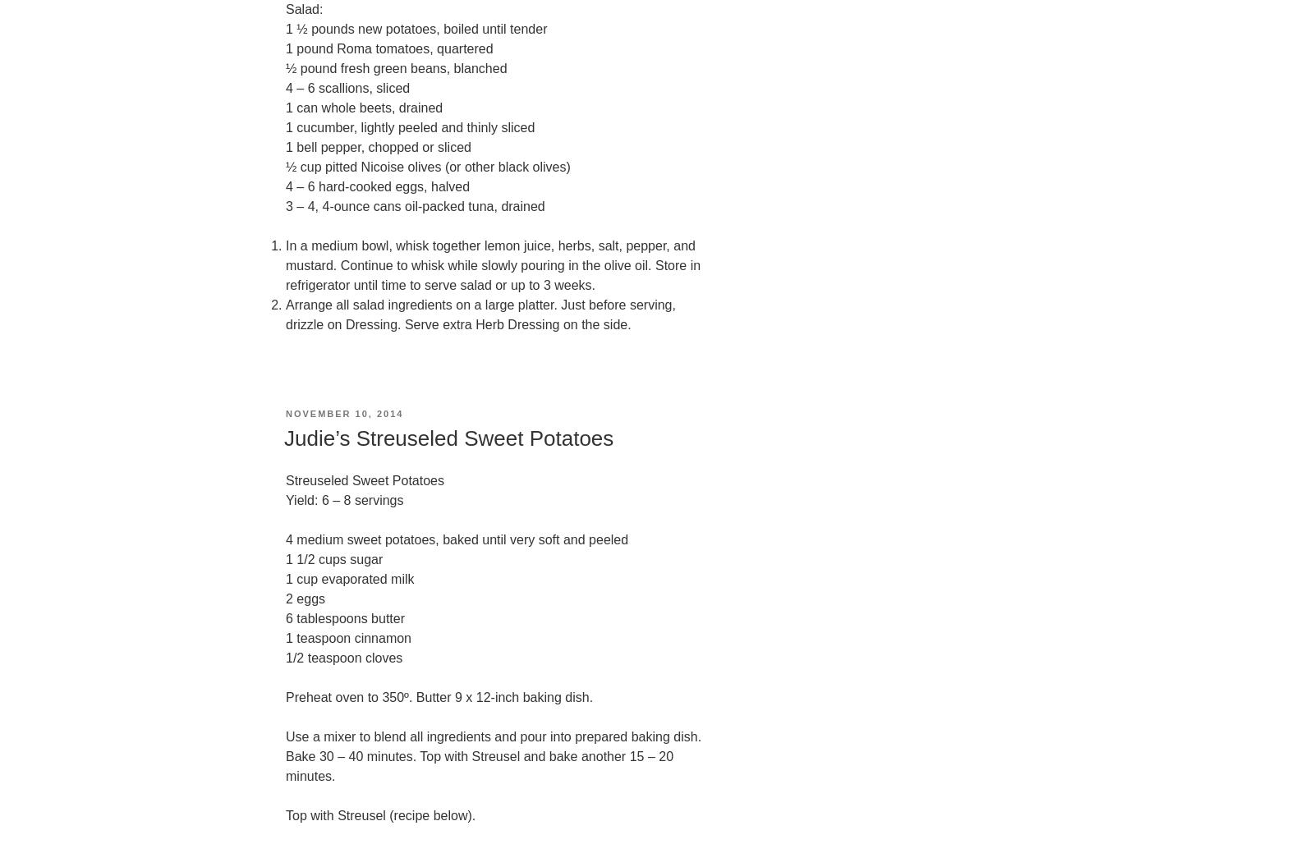  I want to click on 'Top with Streusel (recipe below).', so click(286, 814).